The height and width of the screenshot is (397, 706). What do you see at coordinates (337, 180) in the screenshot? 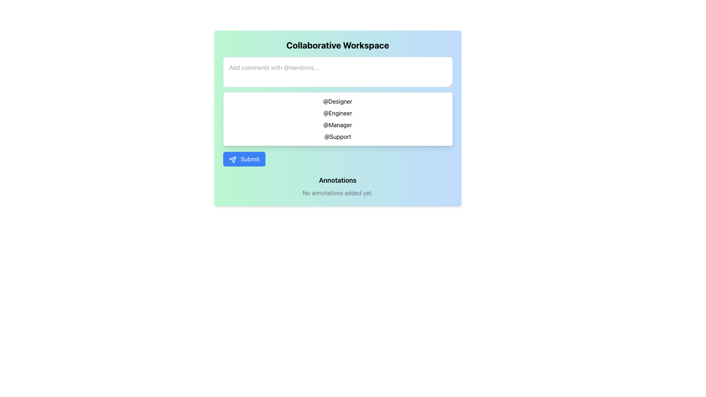
I see `text label that serves as a section heading, positioned above the phrase 'No annotations added yet.' and below the blue 'Submit' button` at bounding box center [337, 180].